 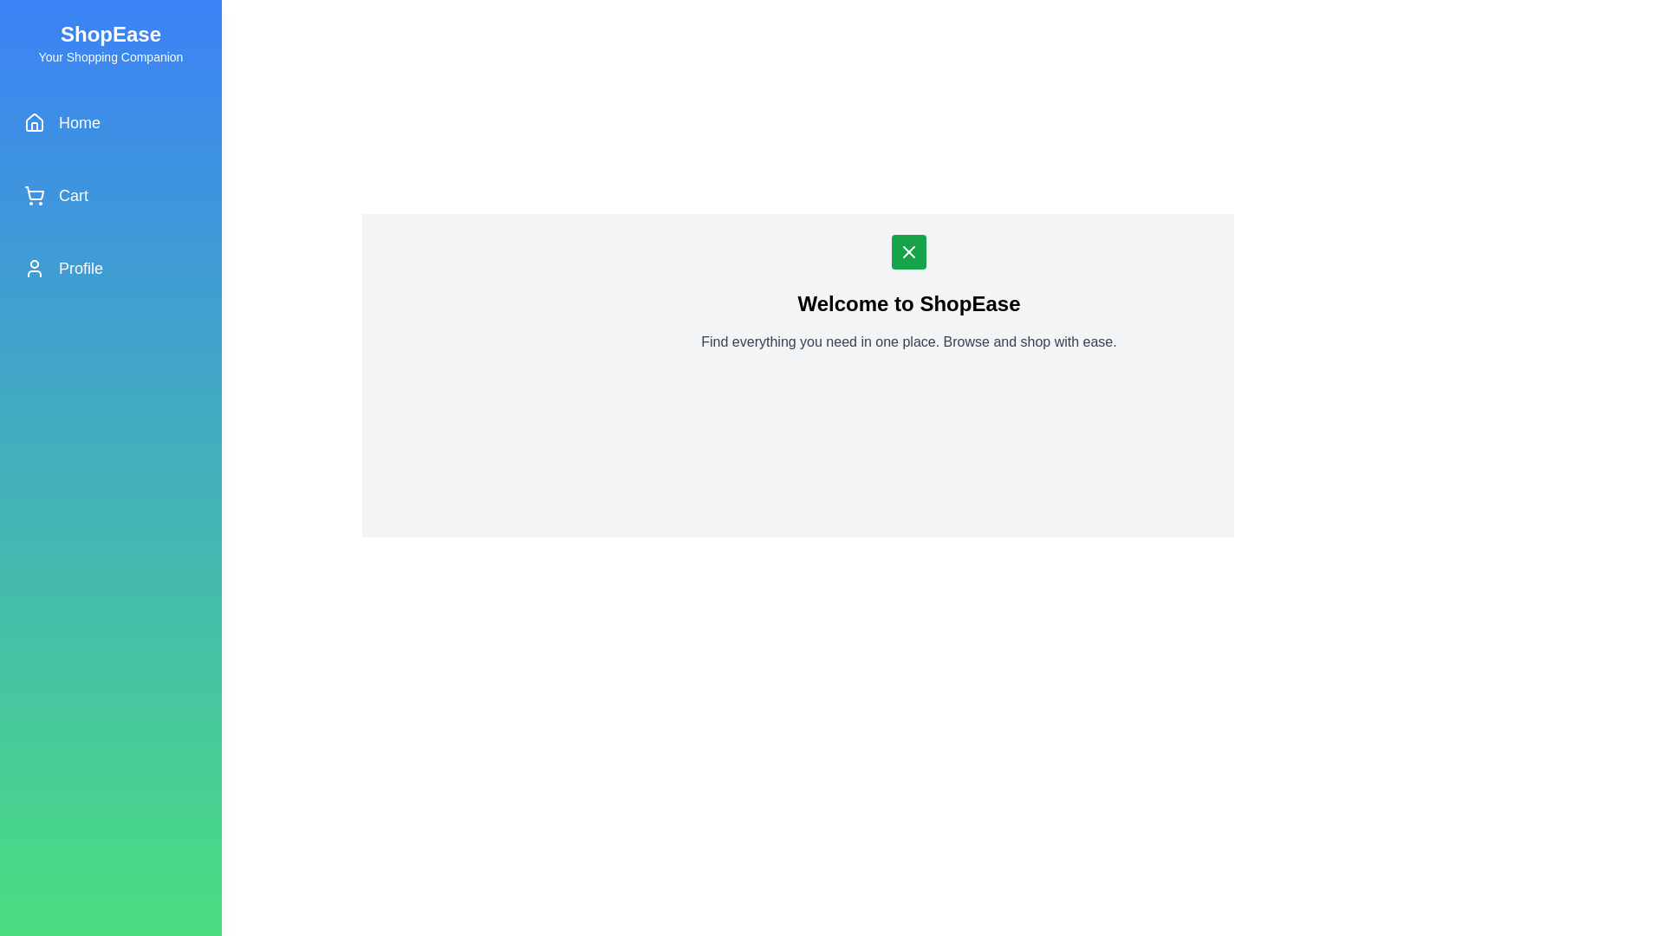 What do you see at coordinates (34, 268) in the screenshot?
I see `the user profile icon, which is a circular head and shoulders design outlined in white on a blue background` at bounding box center [34, 268].